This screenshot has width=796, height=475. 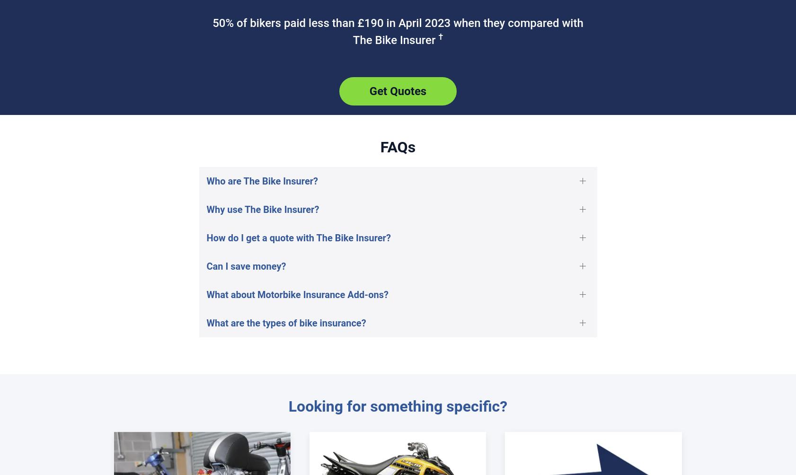 I want to click on 'Looking for something specific?', so click(x=398, y=406).